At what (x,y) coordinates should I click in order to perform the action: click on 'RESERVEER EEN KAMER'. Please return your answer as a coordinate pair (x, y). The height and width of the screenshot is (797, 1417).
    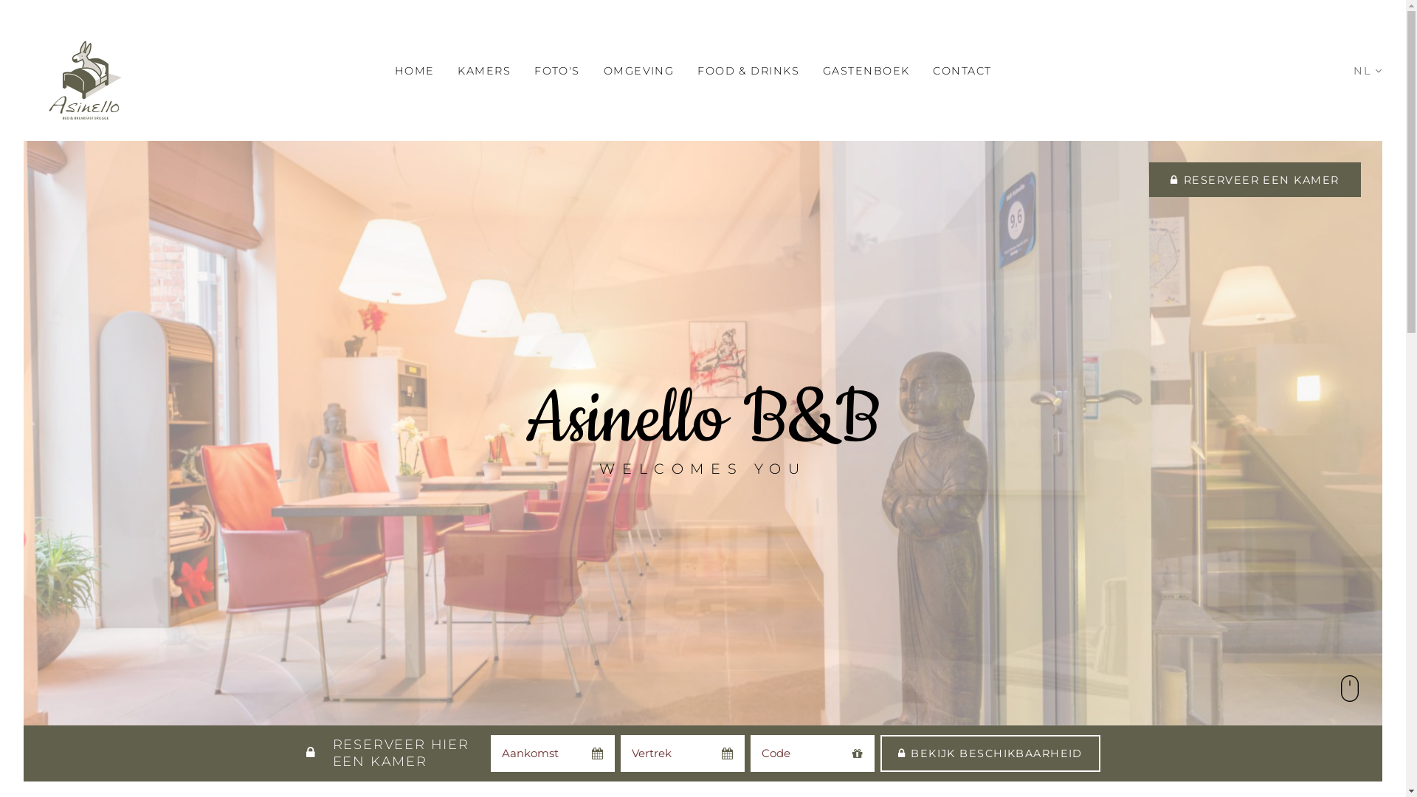
    Looking at the image, I should click on (1254, 179).